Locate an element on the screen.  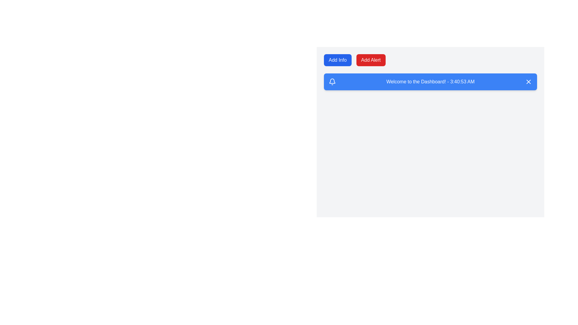
the X-shaped Close button located at the top-right of the blue notification bar is located at coordinates (528, 82).